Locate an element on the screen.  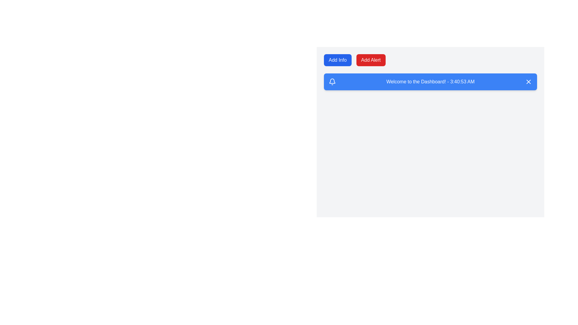
the X-shaped Close button located at the top-right of the blue notification bar is located at coordinates (528, 82).